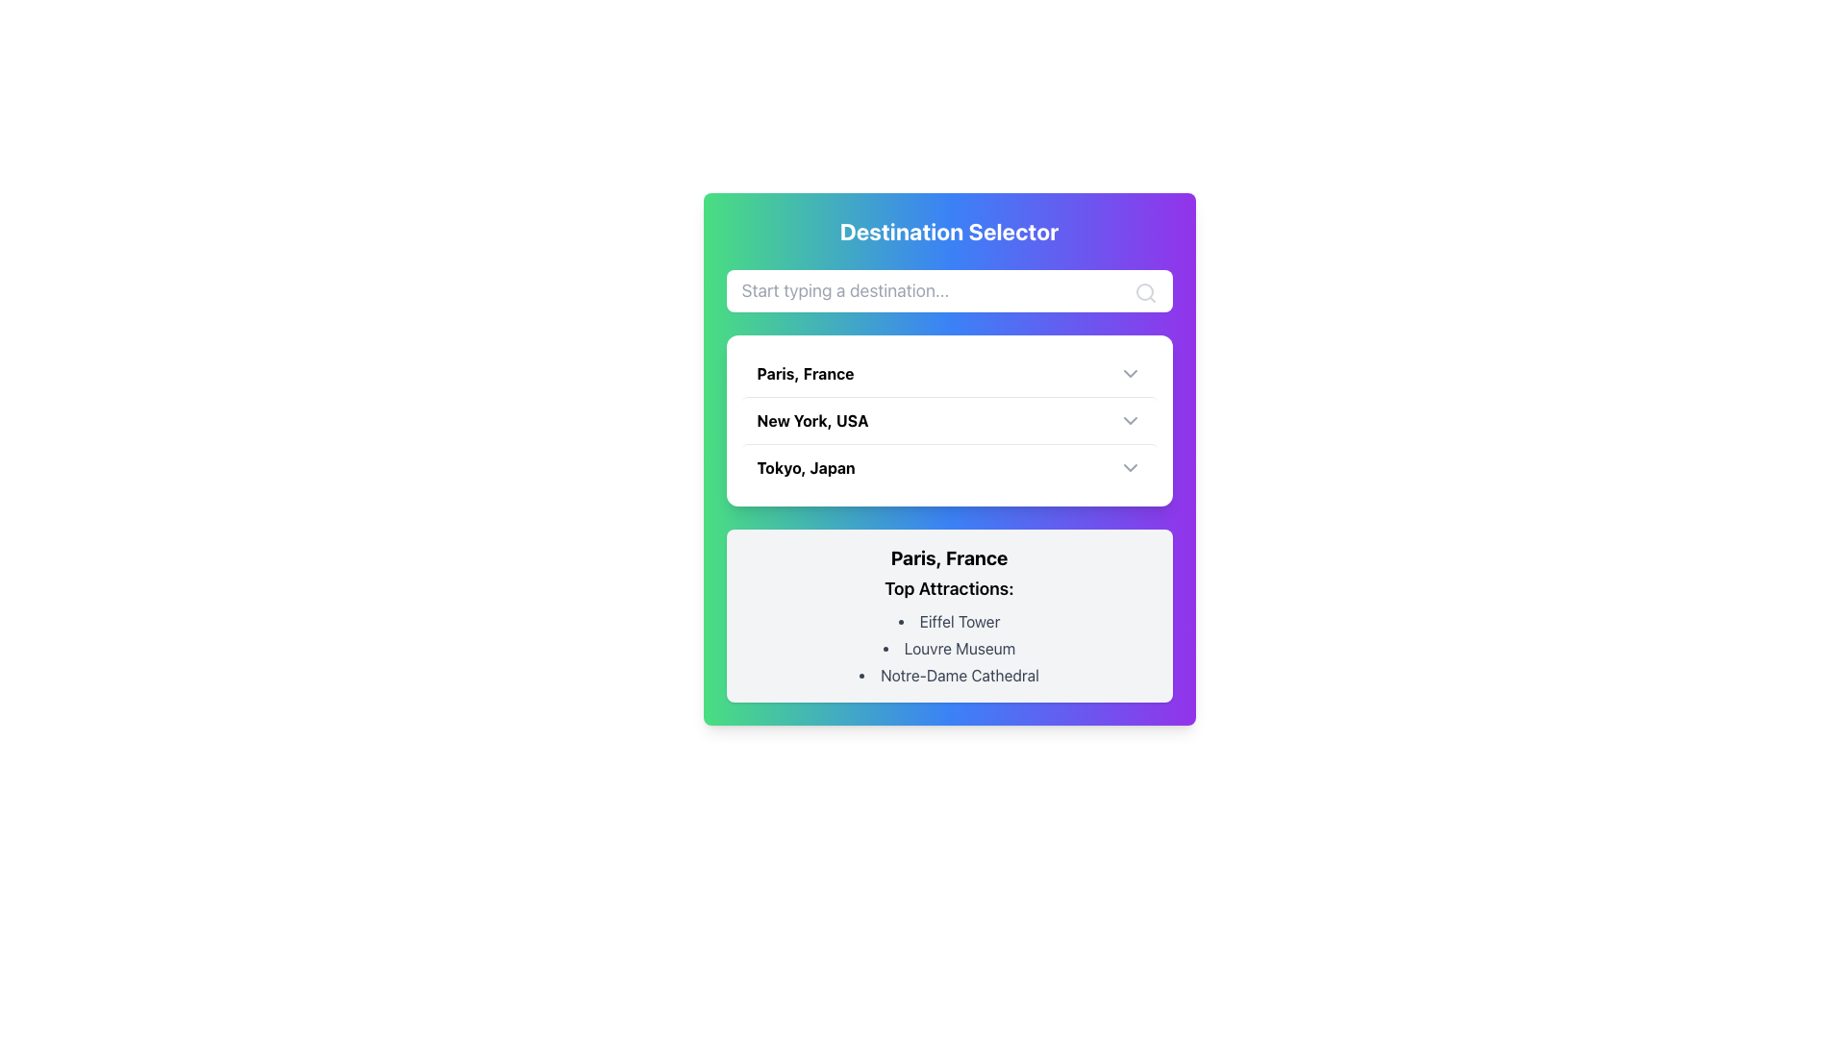 This screenshot has height=1038, width=1846. I want to click on text label displaying 'Notre-Dame Cathedral' which is the third entry in the list of attractions under 'Top Attractions' for 'Paris, France', so click(949, 674).